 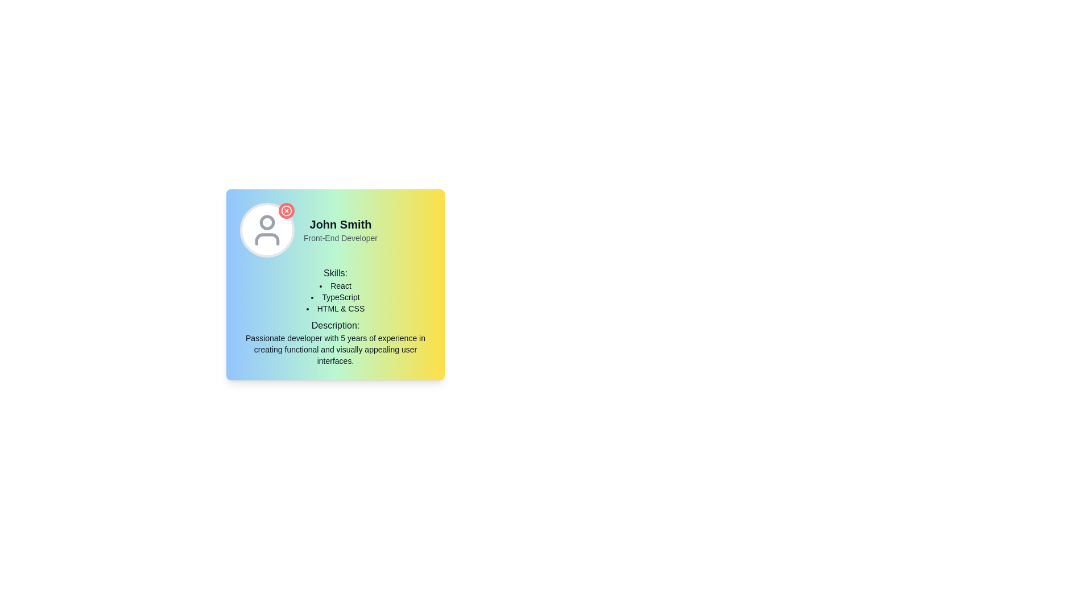 I want to click on the Text display component featuring the name 'John Smith' and job title 'Front-End Developer', located near the top-left section of a rounded rectangle, so click(x=335, y=230).